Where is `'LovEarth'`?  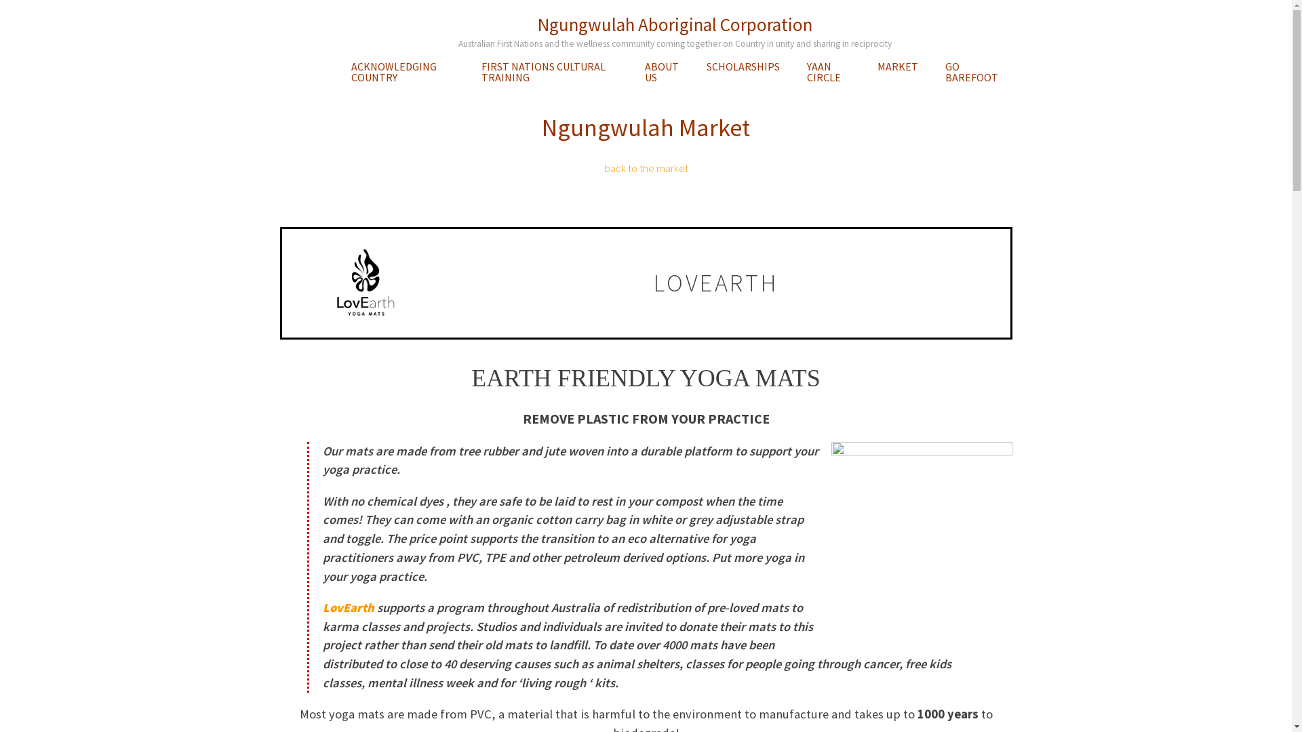 'LovEarth' is located at coordinates (348, 607).